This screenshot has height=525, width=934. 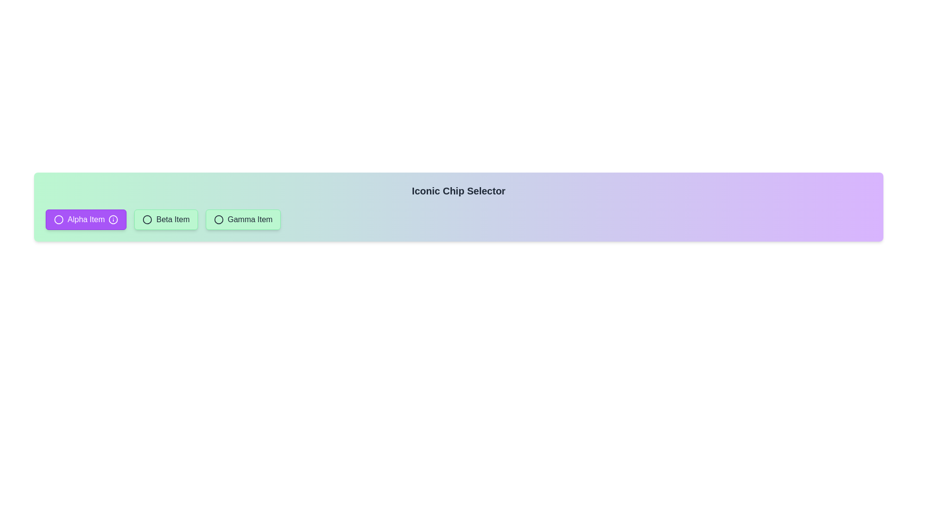 I want to click on the button labeled Alpha Item, so click(x=86, y=219).